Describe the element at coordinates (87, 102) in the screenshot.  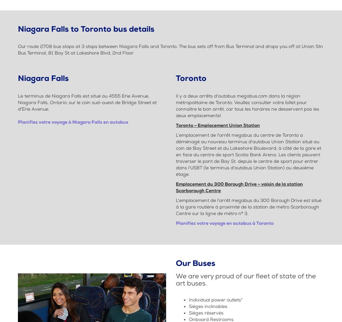
I see `'Le terminus de Niagara Falls est situé au 4555 Erie Avenue, Niagara Falls, Ontario; sur le coin sud-ouest de Bridge Street et d'Erie Avenue.'` at that location.